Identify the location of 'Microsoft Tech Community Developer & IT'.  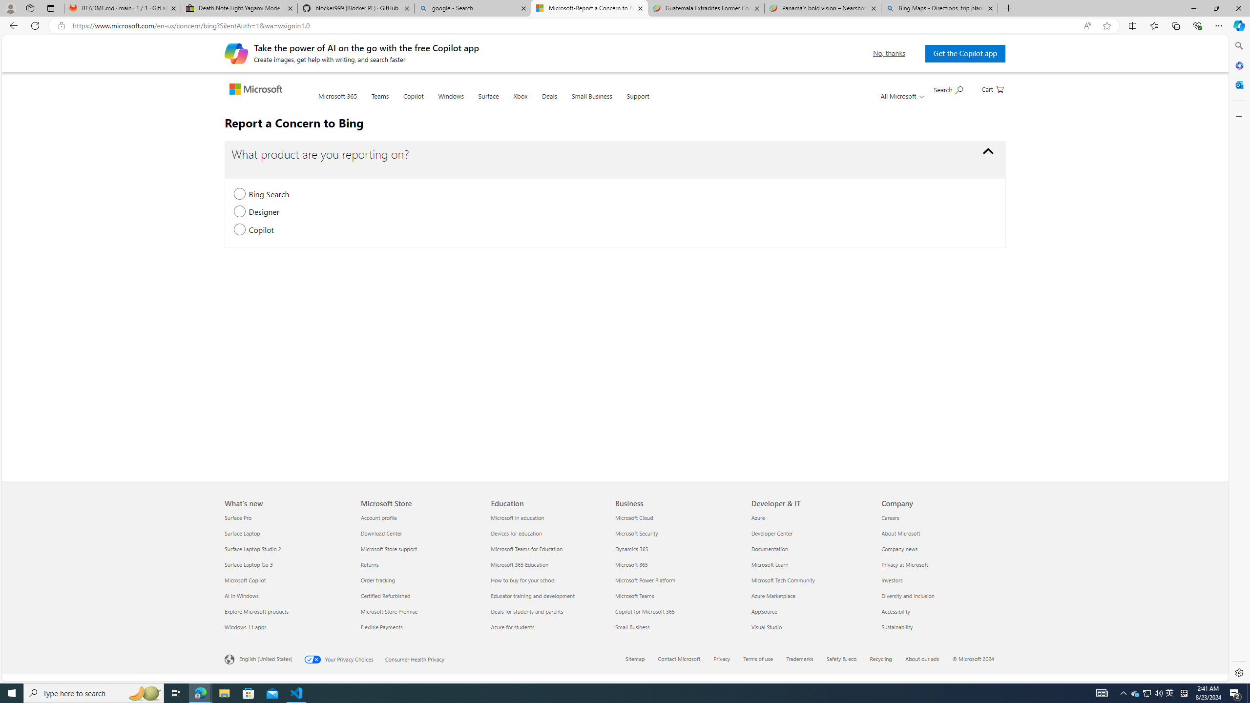
(782, 579).